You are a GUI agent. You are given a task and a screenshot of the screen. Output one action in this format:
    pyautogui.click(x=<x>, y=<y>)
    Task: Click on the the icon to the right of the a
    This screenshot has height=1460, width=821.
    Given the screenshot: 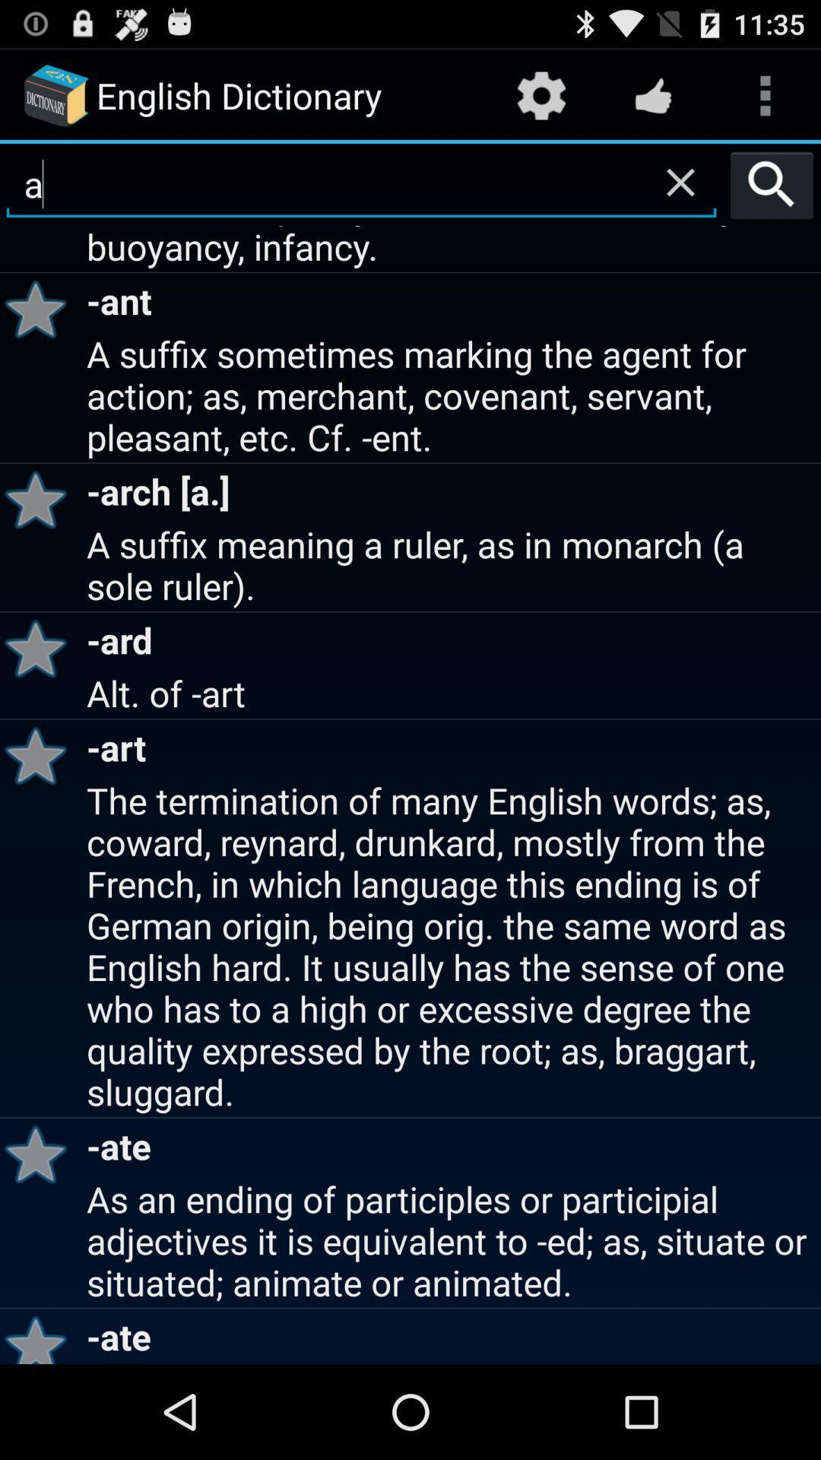 What is the action you would take?
    pyautogui.click(x=772, y=184)
    